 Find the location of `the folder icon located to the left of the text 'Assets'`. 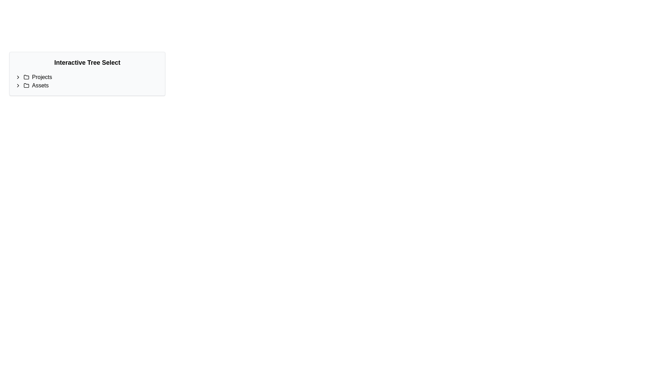

the folder icon located to the left of the text 'Assets' is located at coordinates (26, 85).